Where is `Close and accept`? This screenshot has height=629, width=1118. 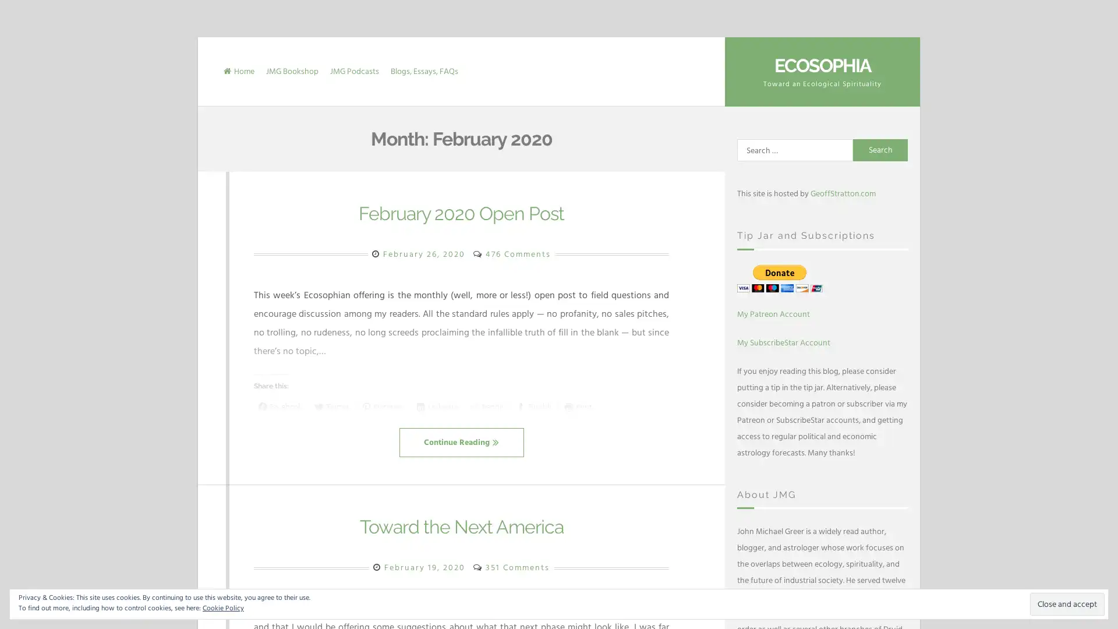 Close and accept is located at coordinates (1067, 603).